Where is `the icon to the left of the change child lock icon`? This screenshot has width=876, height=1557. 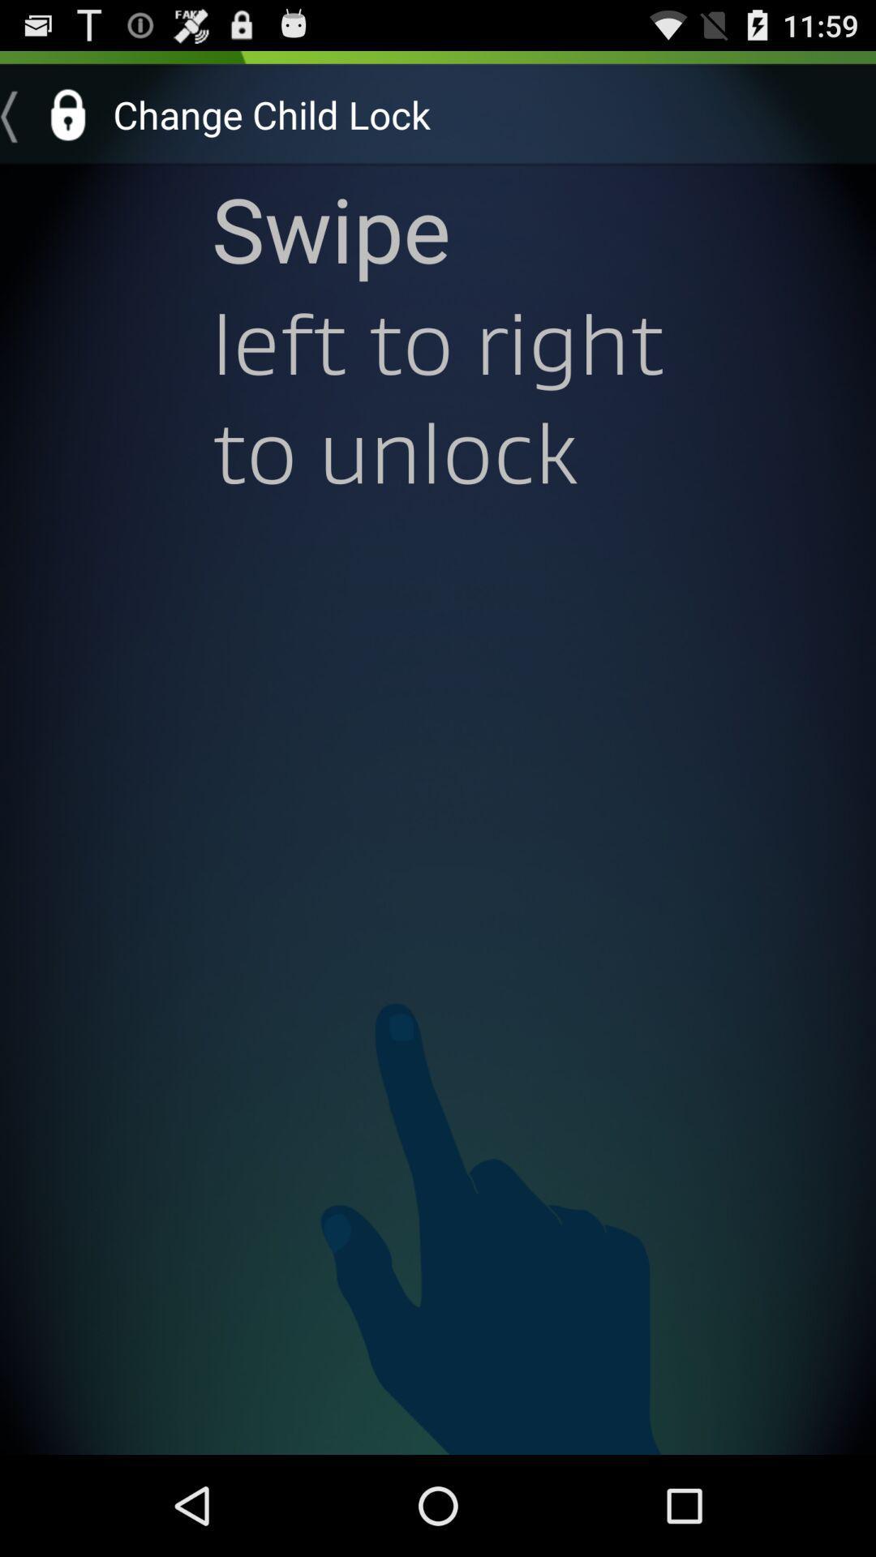
the icon to the left of the change child lock icon is located at coordinates (49, 114).